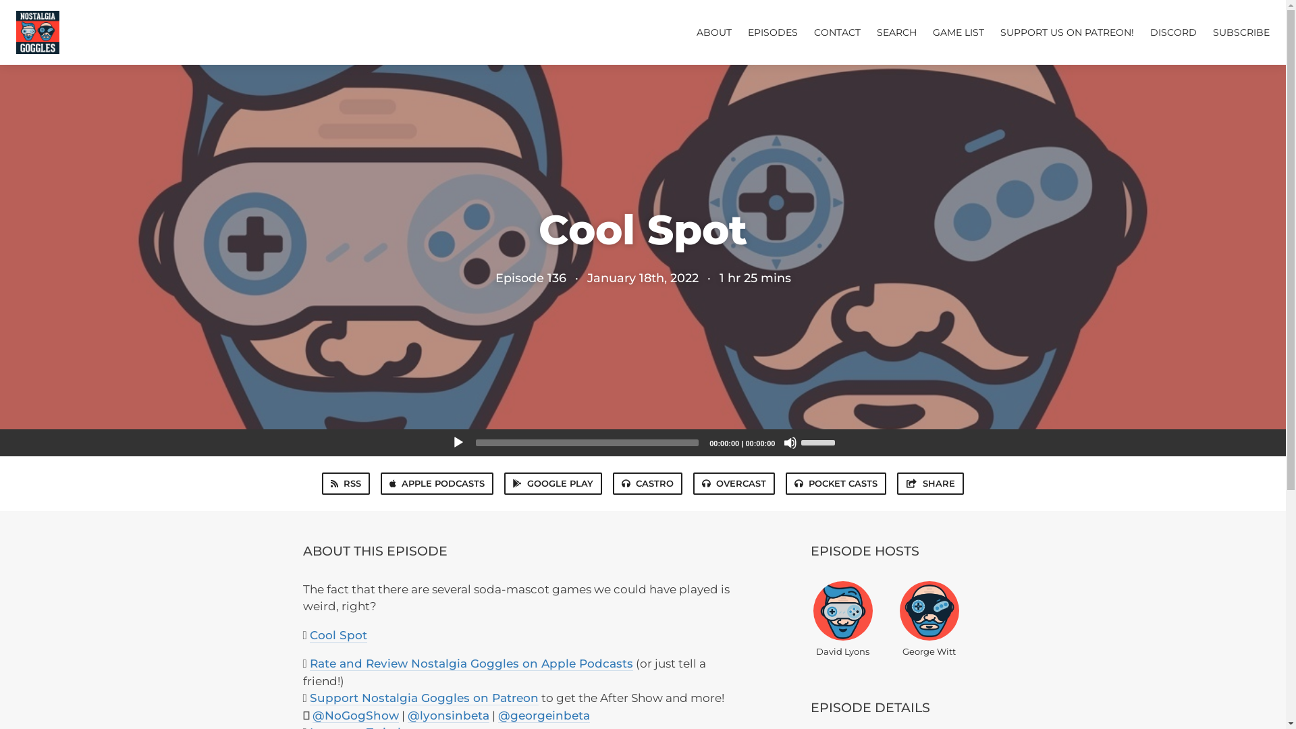 The height and width of the screenshot is (729, 1296). What do you see at coordinates (842, 618) in the screenshot?
I see `'David Lyons'` at bounding box center [842, 618].